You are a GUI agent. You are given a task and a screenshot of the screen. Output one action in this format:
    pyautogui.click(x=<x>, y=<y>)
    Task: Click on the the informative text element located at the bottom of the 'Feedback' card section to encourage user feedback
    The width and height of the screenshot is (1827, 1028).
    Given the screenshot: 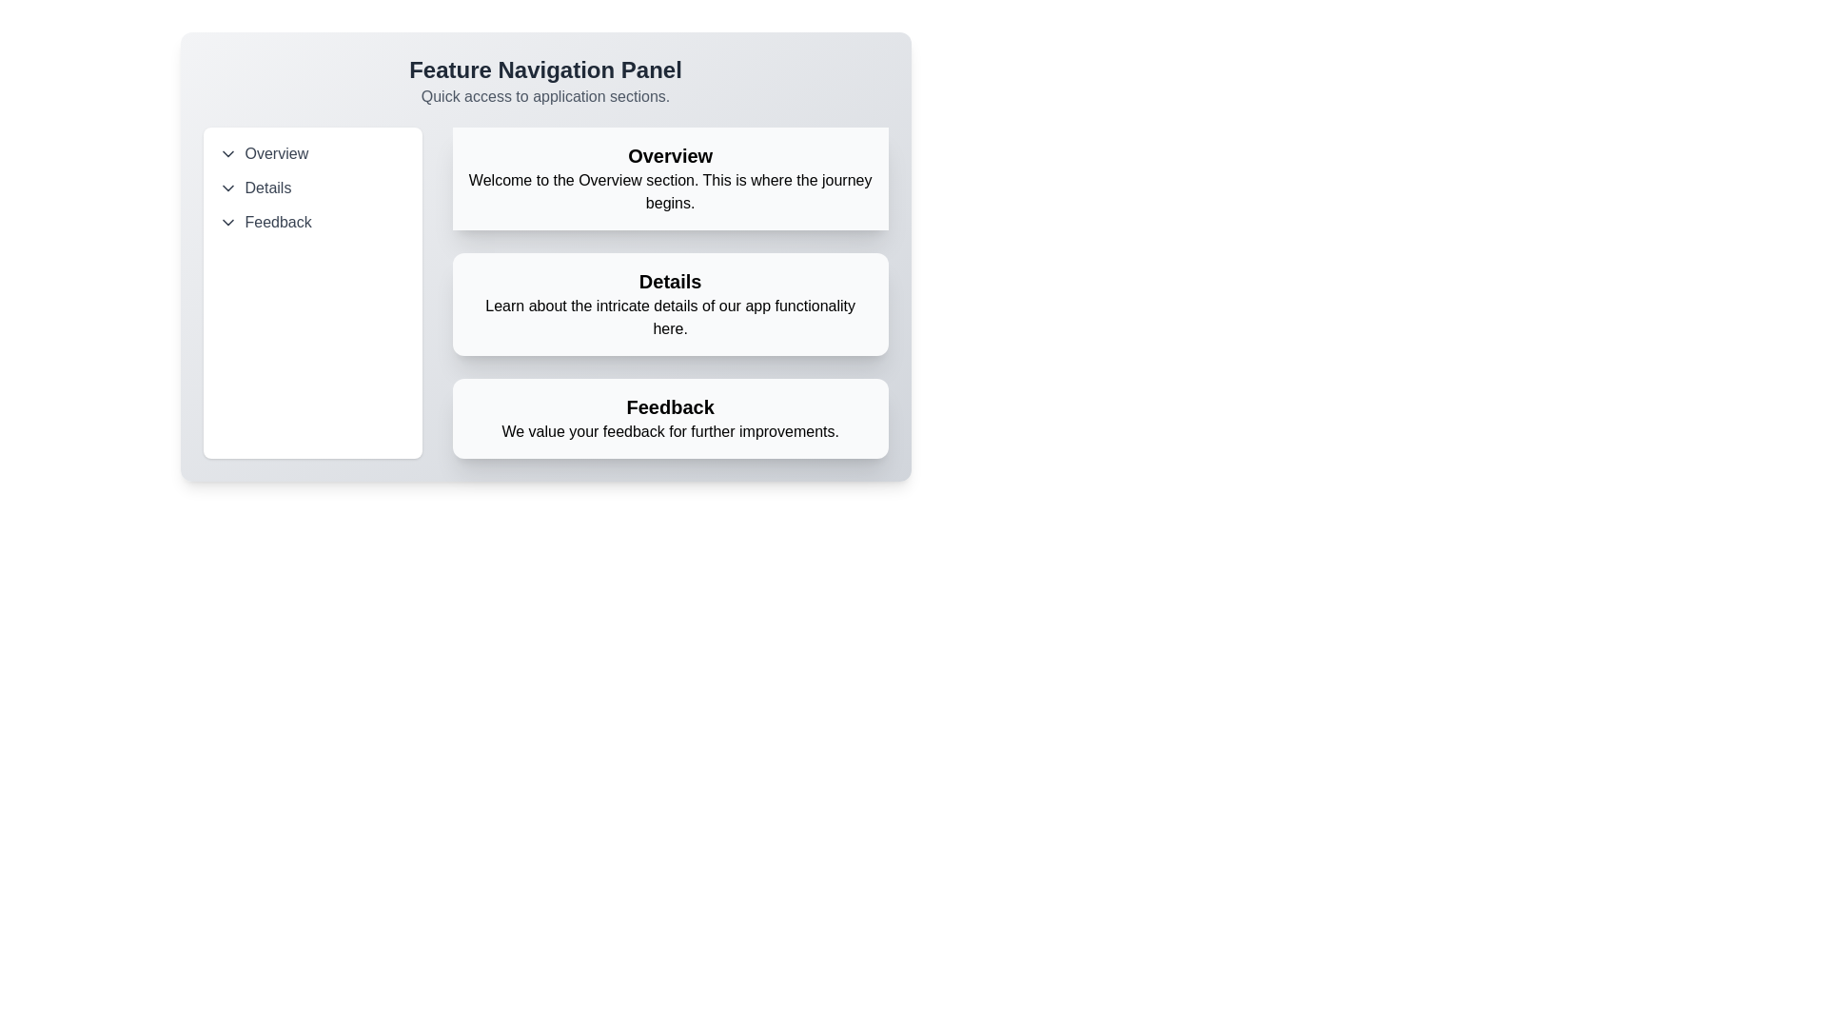 What is the action you would take?
    pyautogui.click(x=670, y=432)
    